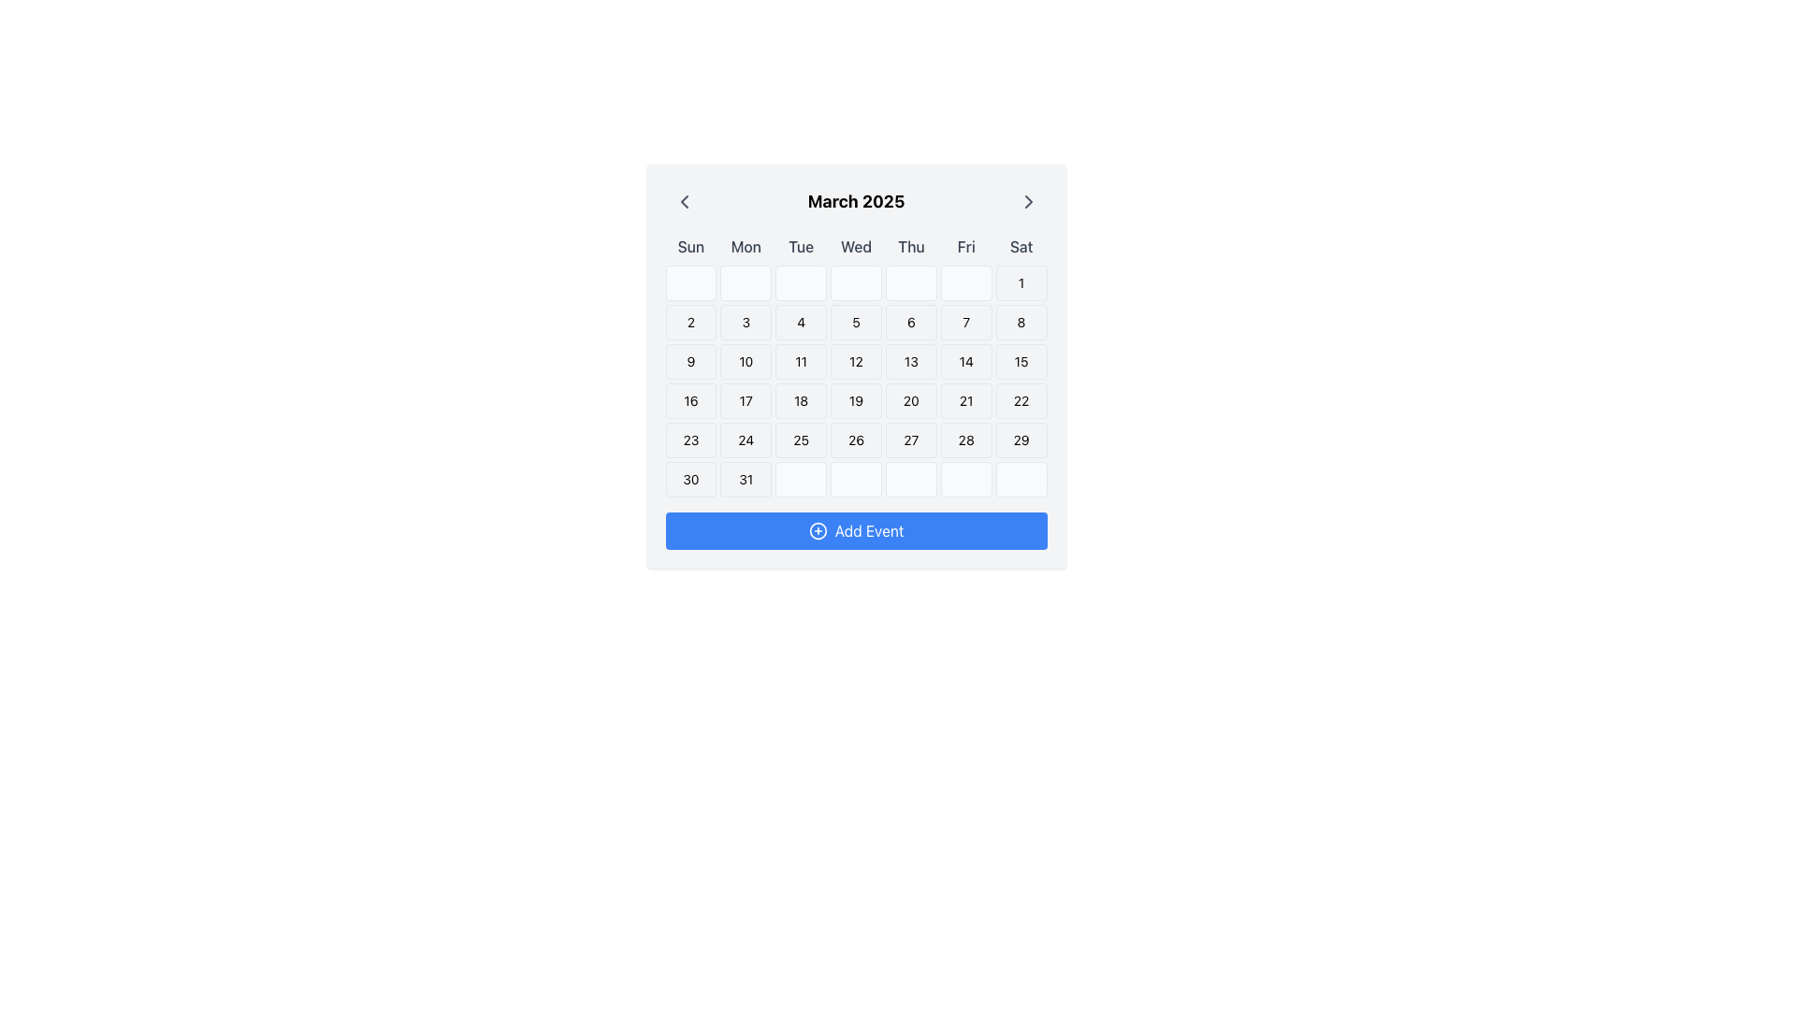 The image size is (1796, 1010). I want to click on the button representing the 14th day of March 2025 in the calendar interface, so click(966, 361).